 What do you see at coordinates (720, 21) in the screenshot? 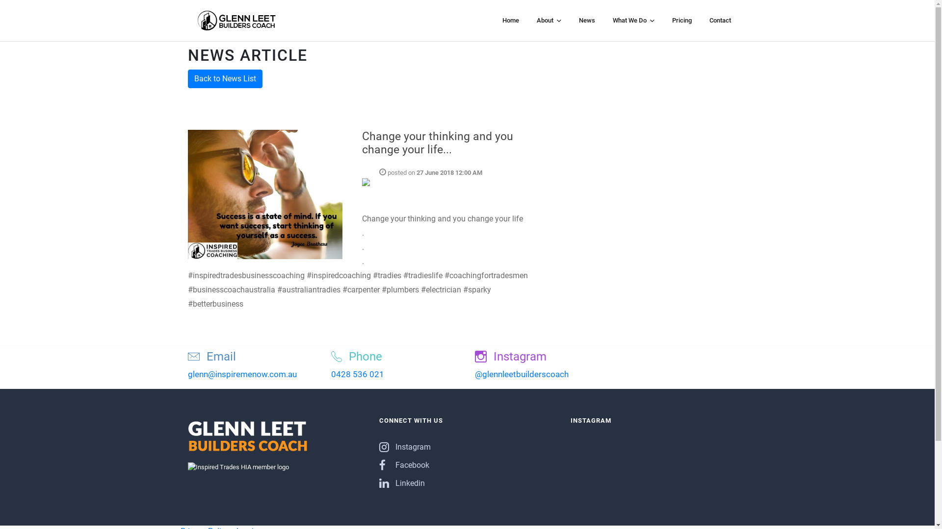
I see `'Contact'` at bounding box center [720, 21].